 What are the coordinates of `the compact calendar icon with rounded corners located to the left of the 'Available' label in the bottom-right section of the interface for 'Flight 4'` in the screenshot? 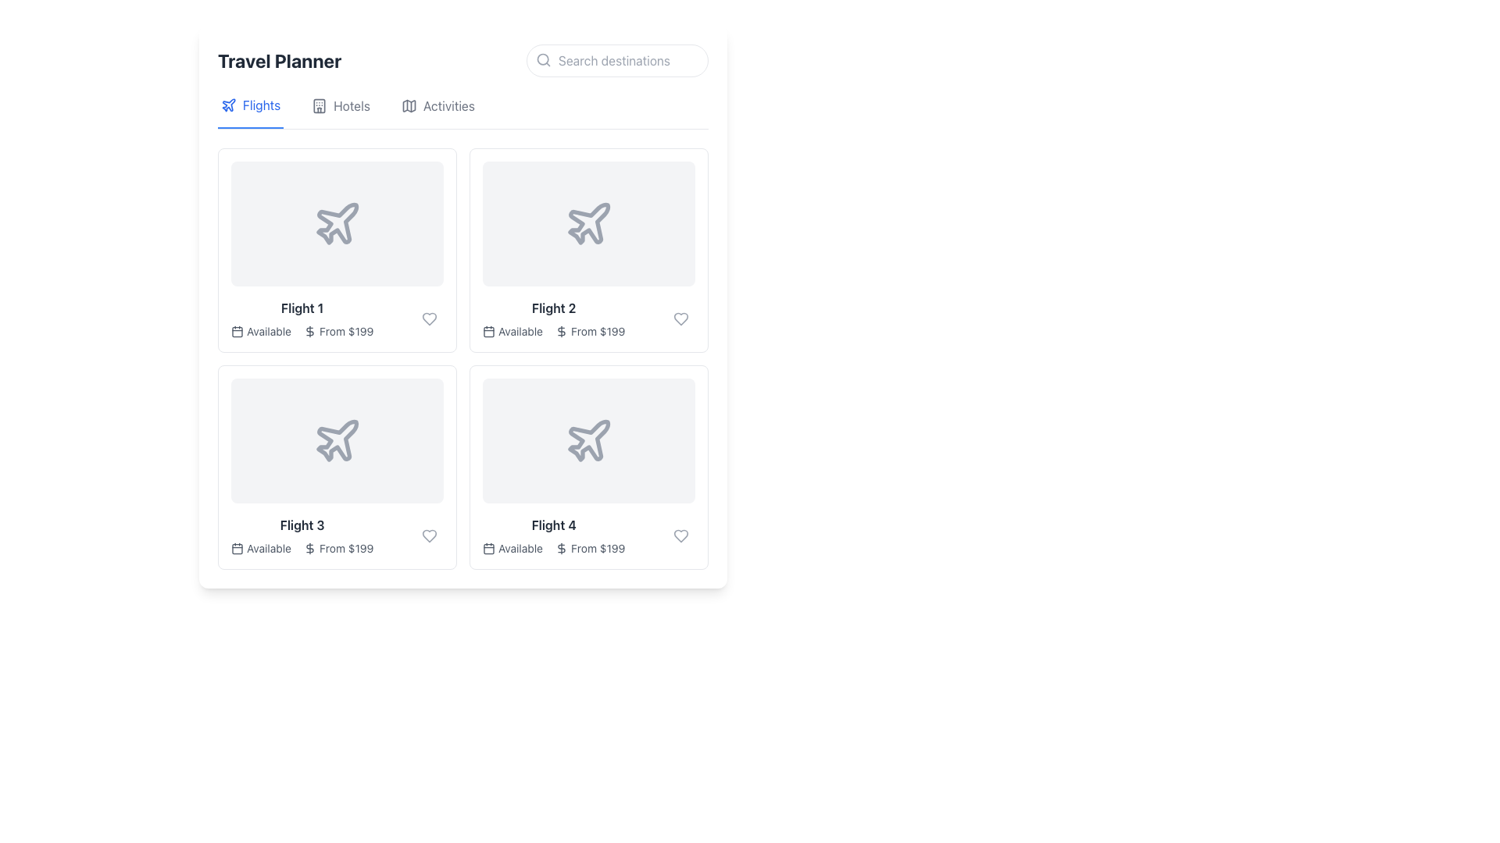 It's located at (487, 547).